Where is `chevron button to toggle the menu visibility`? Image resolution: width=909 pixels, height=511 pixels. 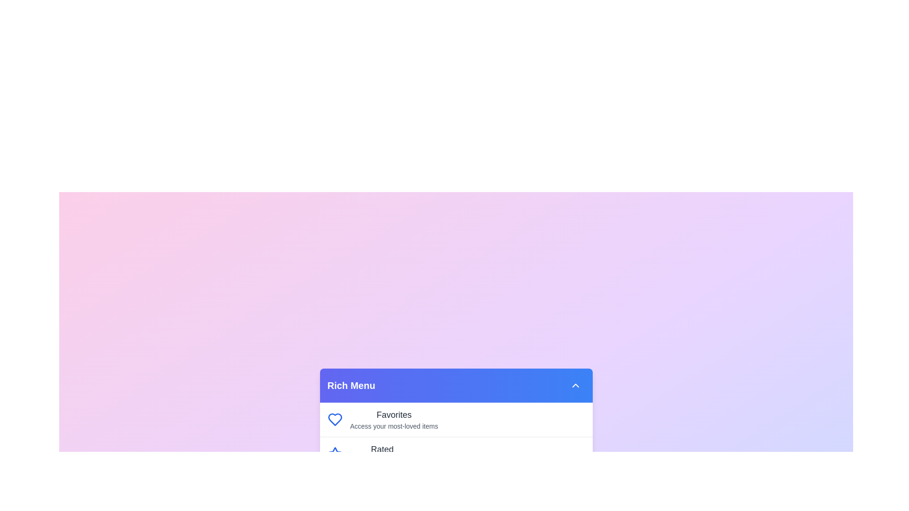
chevron button to toggle the menu visibility is located at coordinates (575, 385).